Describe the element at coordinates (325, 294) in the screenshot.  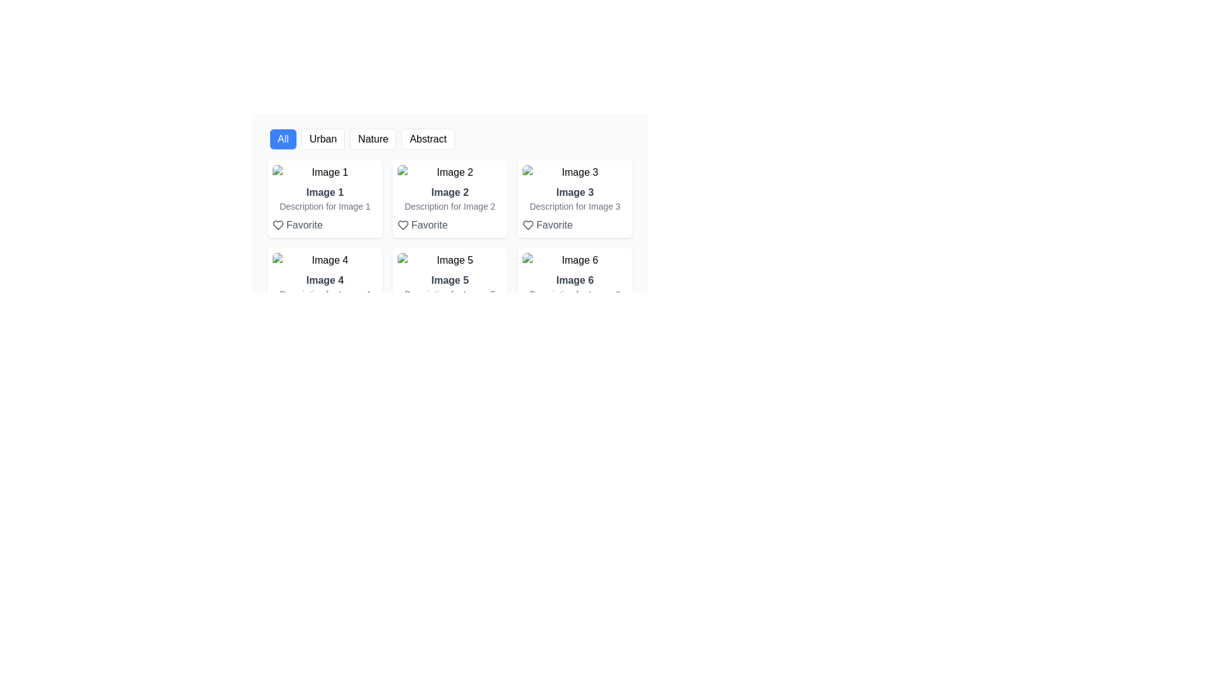
I see `the text label that reads 'Description for Image 4', which is styled in gray and positioned directly below the main title 'Image 4'` at that location.